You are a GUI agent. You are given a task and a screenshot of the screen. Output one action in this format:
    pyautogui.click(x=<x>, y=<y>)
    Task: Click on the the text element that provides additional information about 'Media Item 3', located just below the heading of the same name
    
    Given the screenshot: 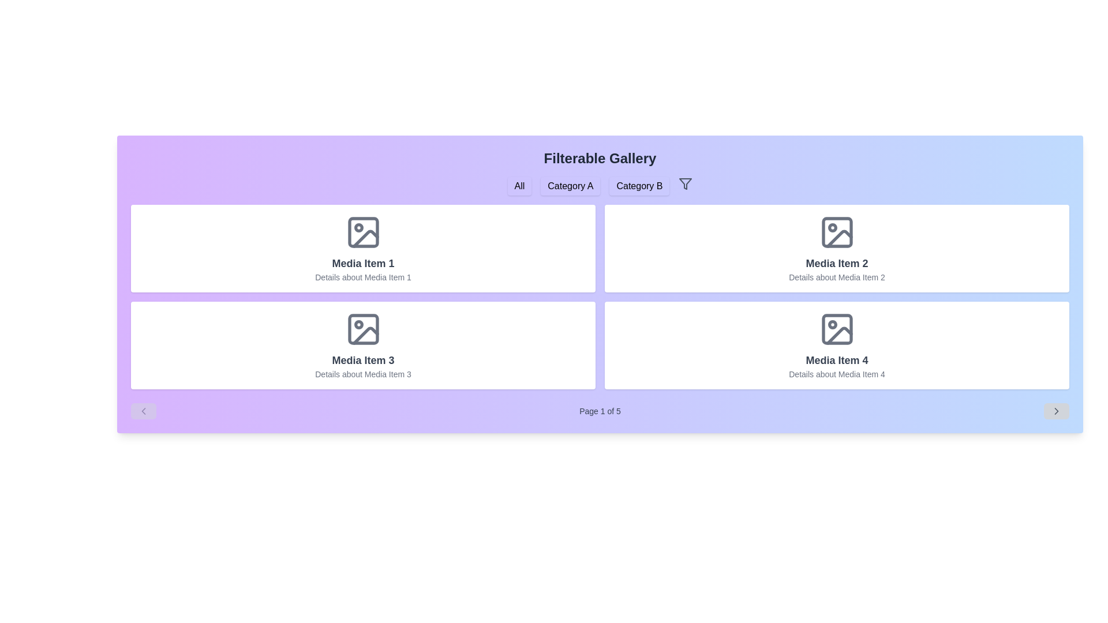 What is the action you would take?
    pyautogui.click(x=362, y=374)
    